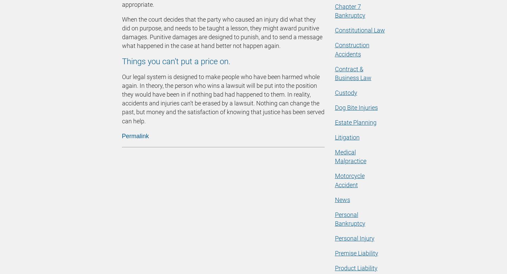 The width and height of the screenshot is (507, 274). Describe the element at coordinates (342, 199) in the screenshot. I see `'News'` at that location.